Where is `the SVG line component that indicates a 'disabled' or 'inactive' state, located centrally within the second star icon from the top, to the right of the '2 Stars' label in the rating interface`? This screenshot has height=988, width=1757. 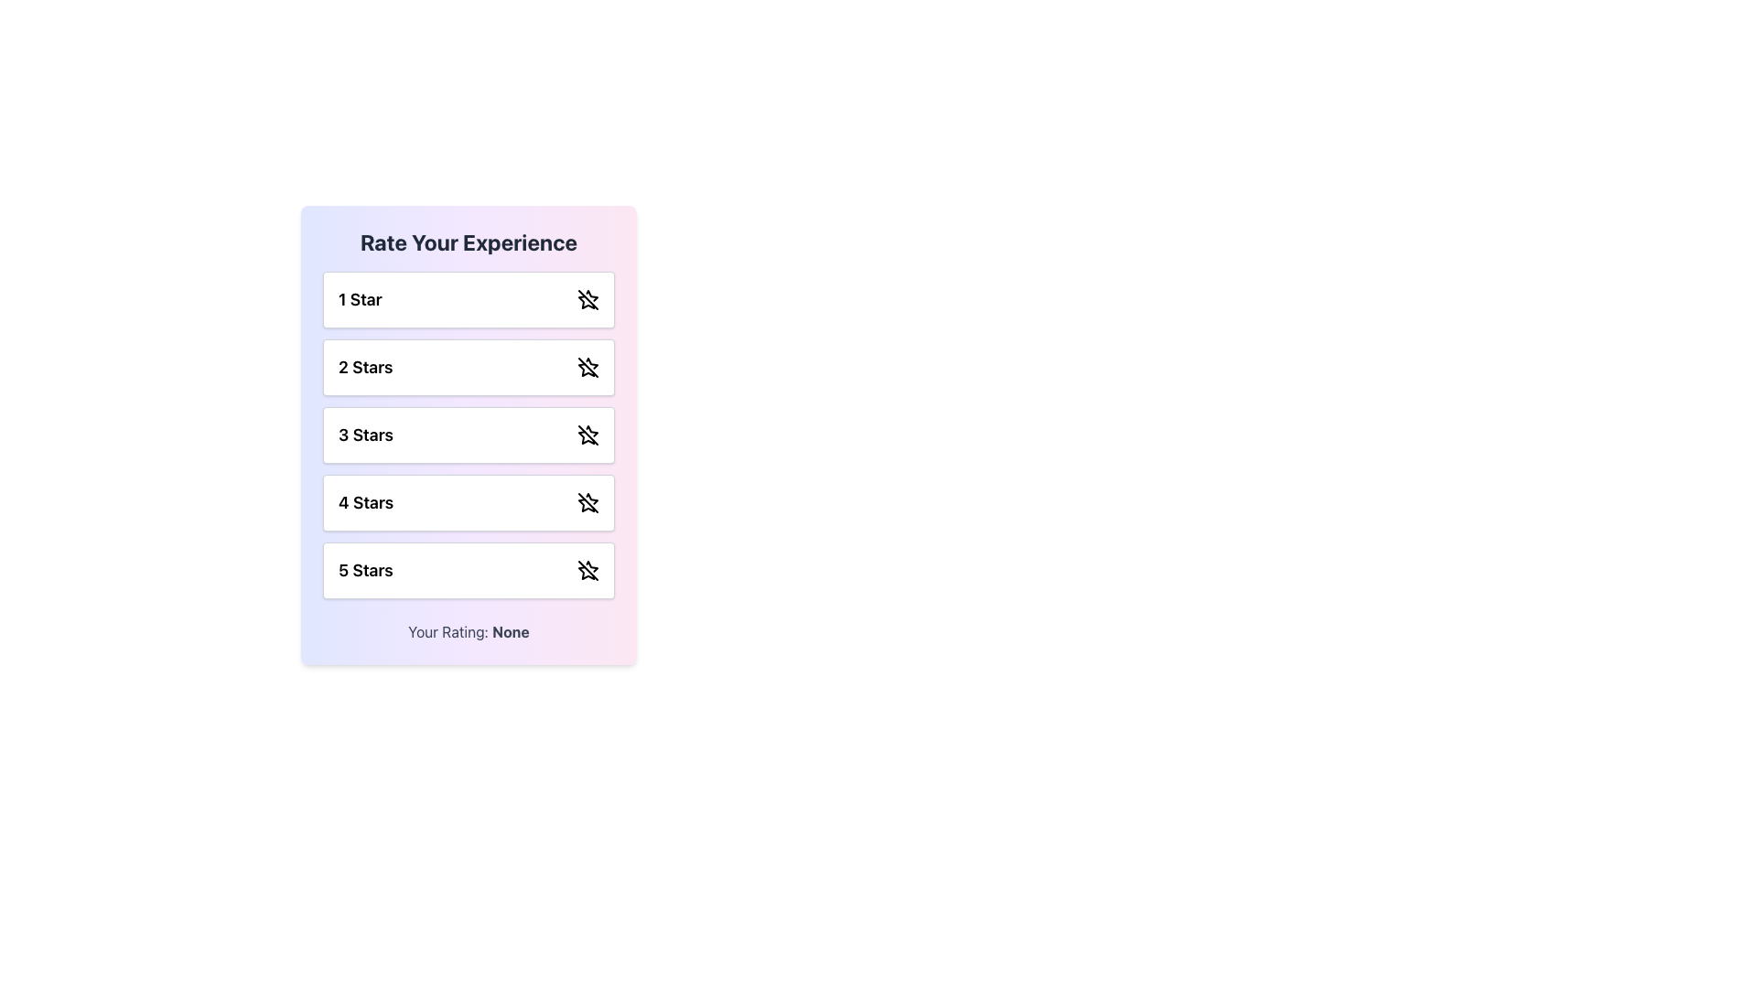
the SVG line component that indicates a 'disabled' or 'inactive' state, located centrally within the second star icon from the top, to the right of the '2 Stars' label in the rating interface is located at coordinates (588, 367).